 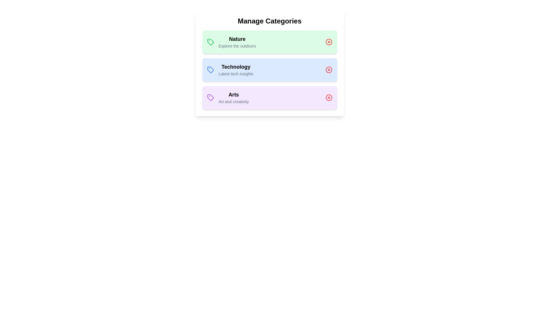 I want to click on the icon representing the category Technology, so click(x=210, y=69).